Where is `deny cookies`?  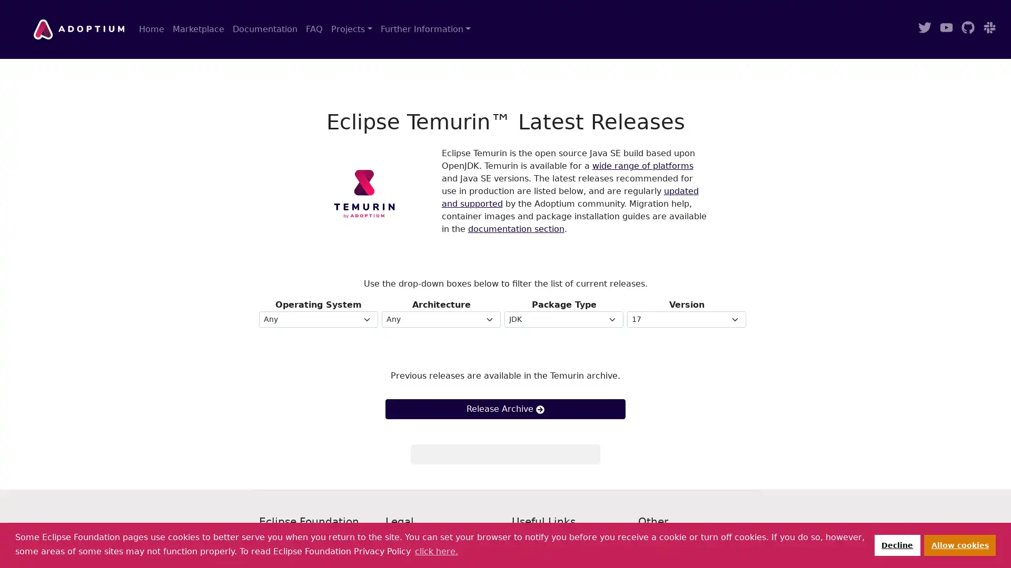 deny cookies is located at coordinates (896, 544).